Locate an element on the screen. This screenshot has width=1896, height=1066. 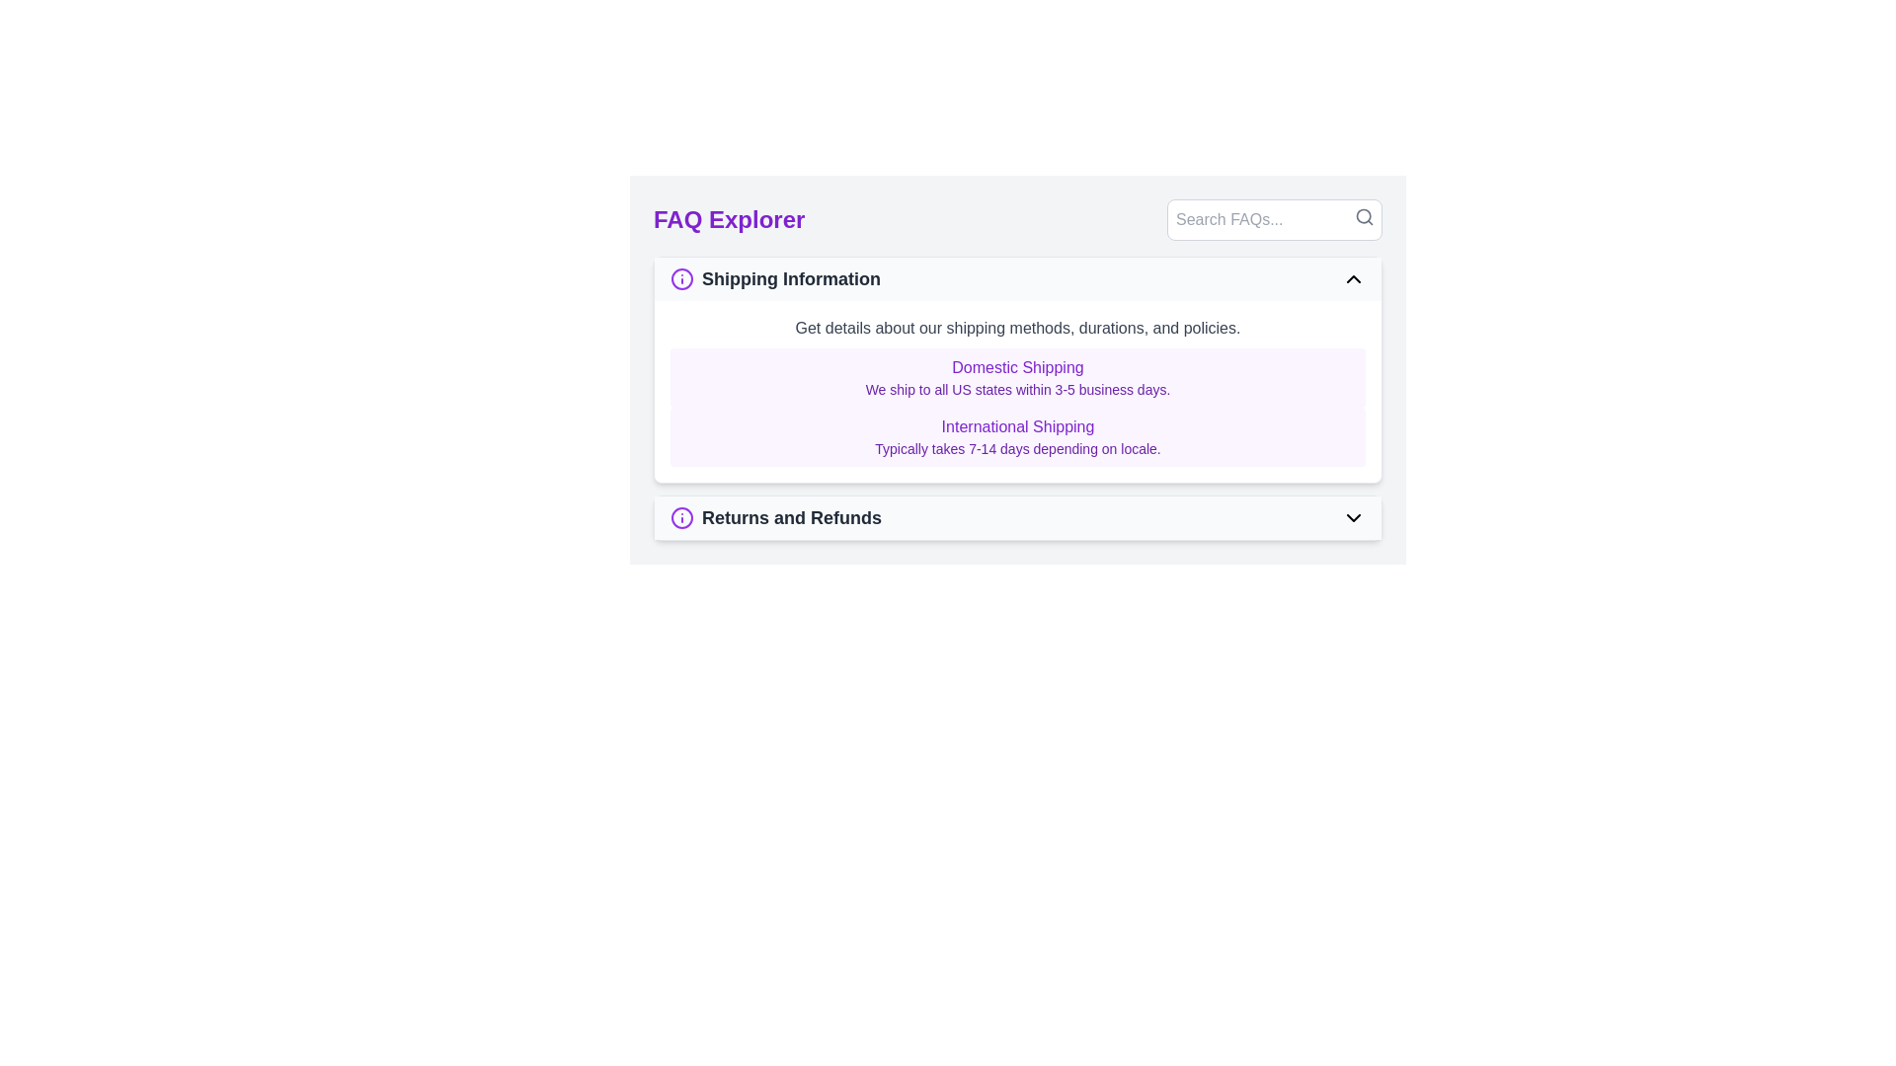
the text field that reads 'Typically takes 7-14 days depending on locale.' located beneath the 'International Shipping' heading in the Shipping Information section is located at coordinates (1018, 449).